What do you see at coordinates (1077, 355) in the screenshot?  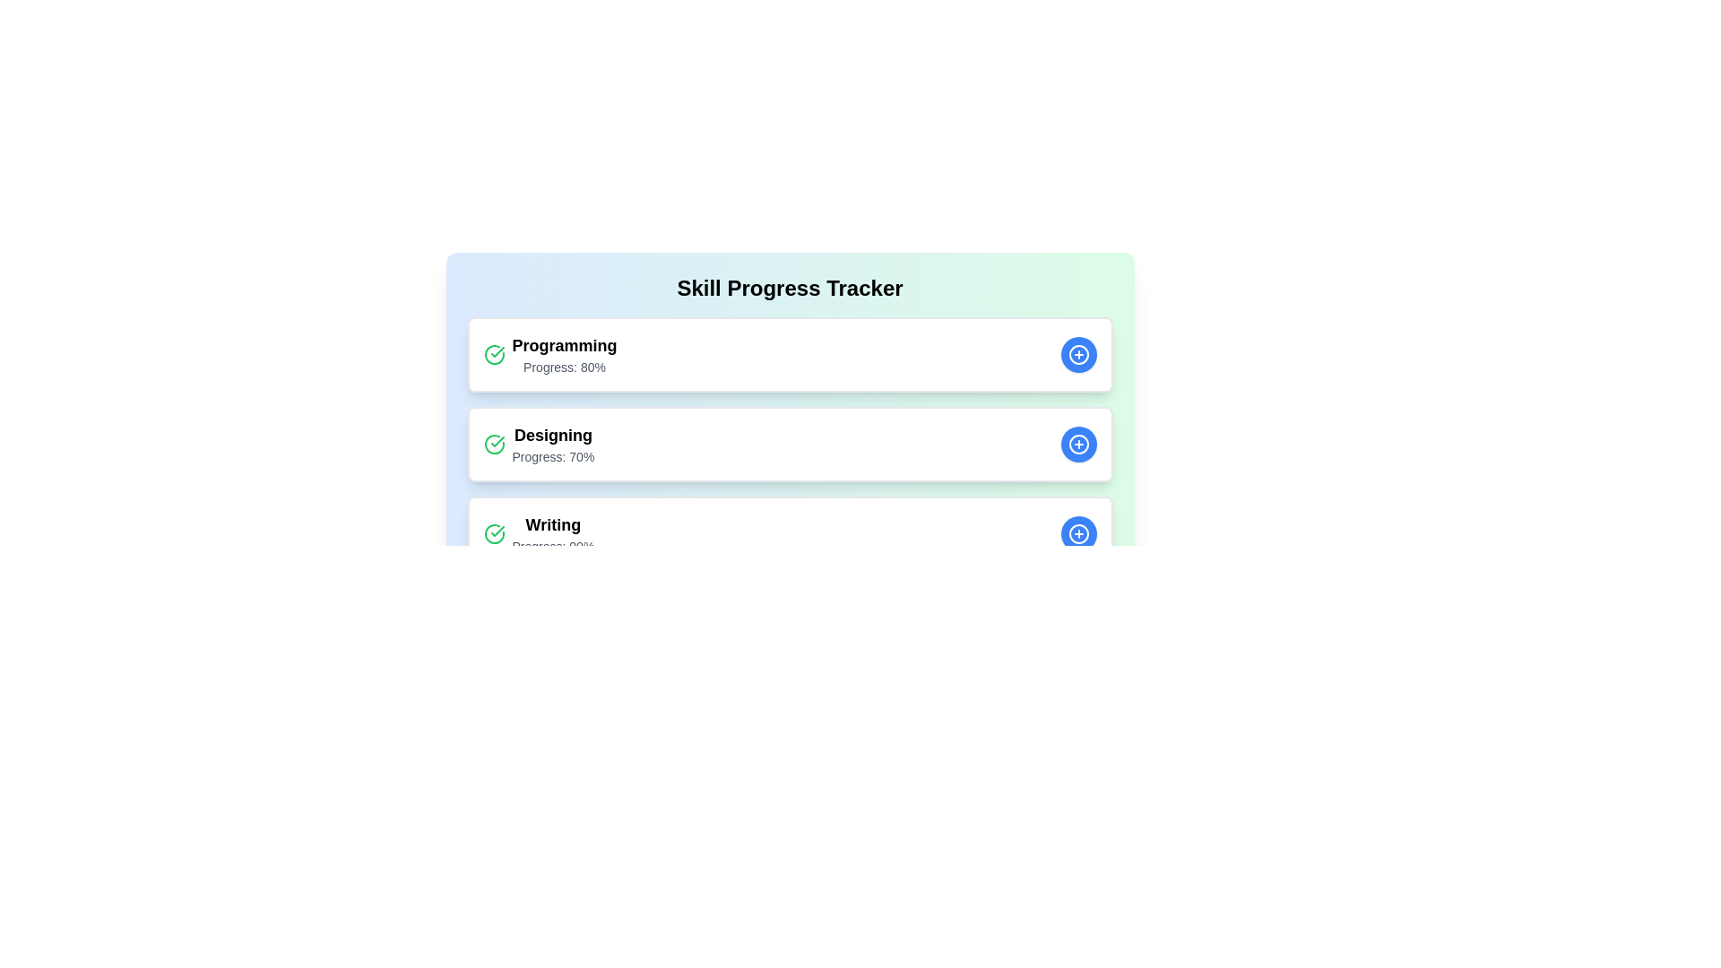 I see `increment button for the skill Programming` at bounding box center [1077, 355].